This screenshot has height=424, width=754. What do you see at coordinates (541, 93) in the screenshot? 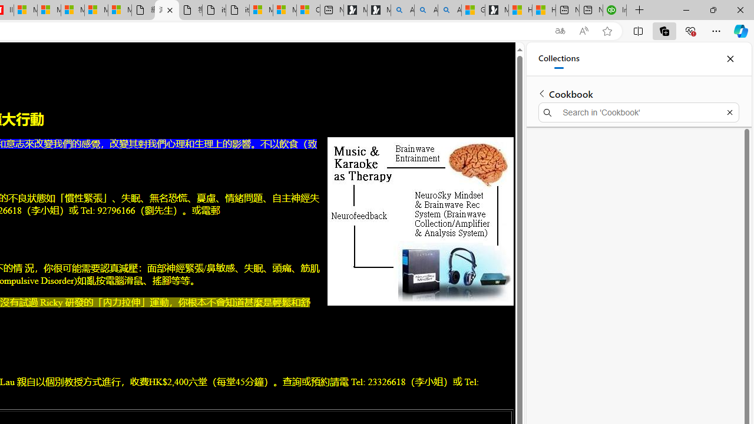
I see `'Back to list of collections'` at bounding box center [541, 93].